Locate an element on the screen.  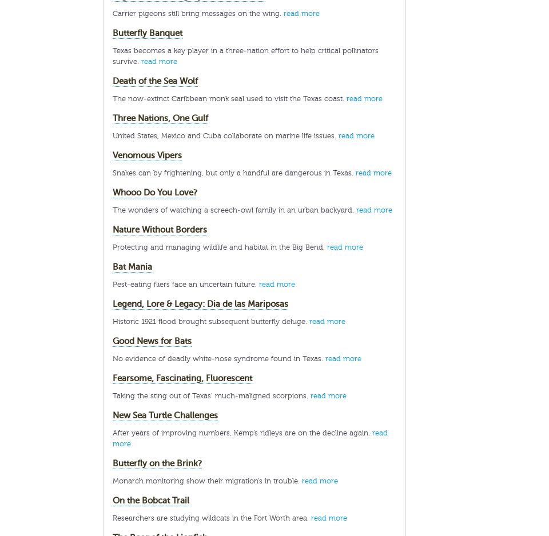
'The wonders of watching a screech-owl family in an urban backyard.' is located at coordinates (234, 210).